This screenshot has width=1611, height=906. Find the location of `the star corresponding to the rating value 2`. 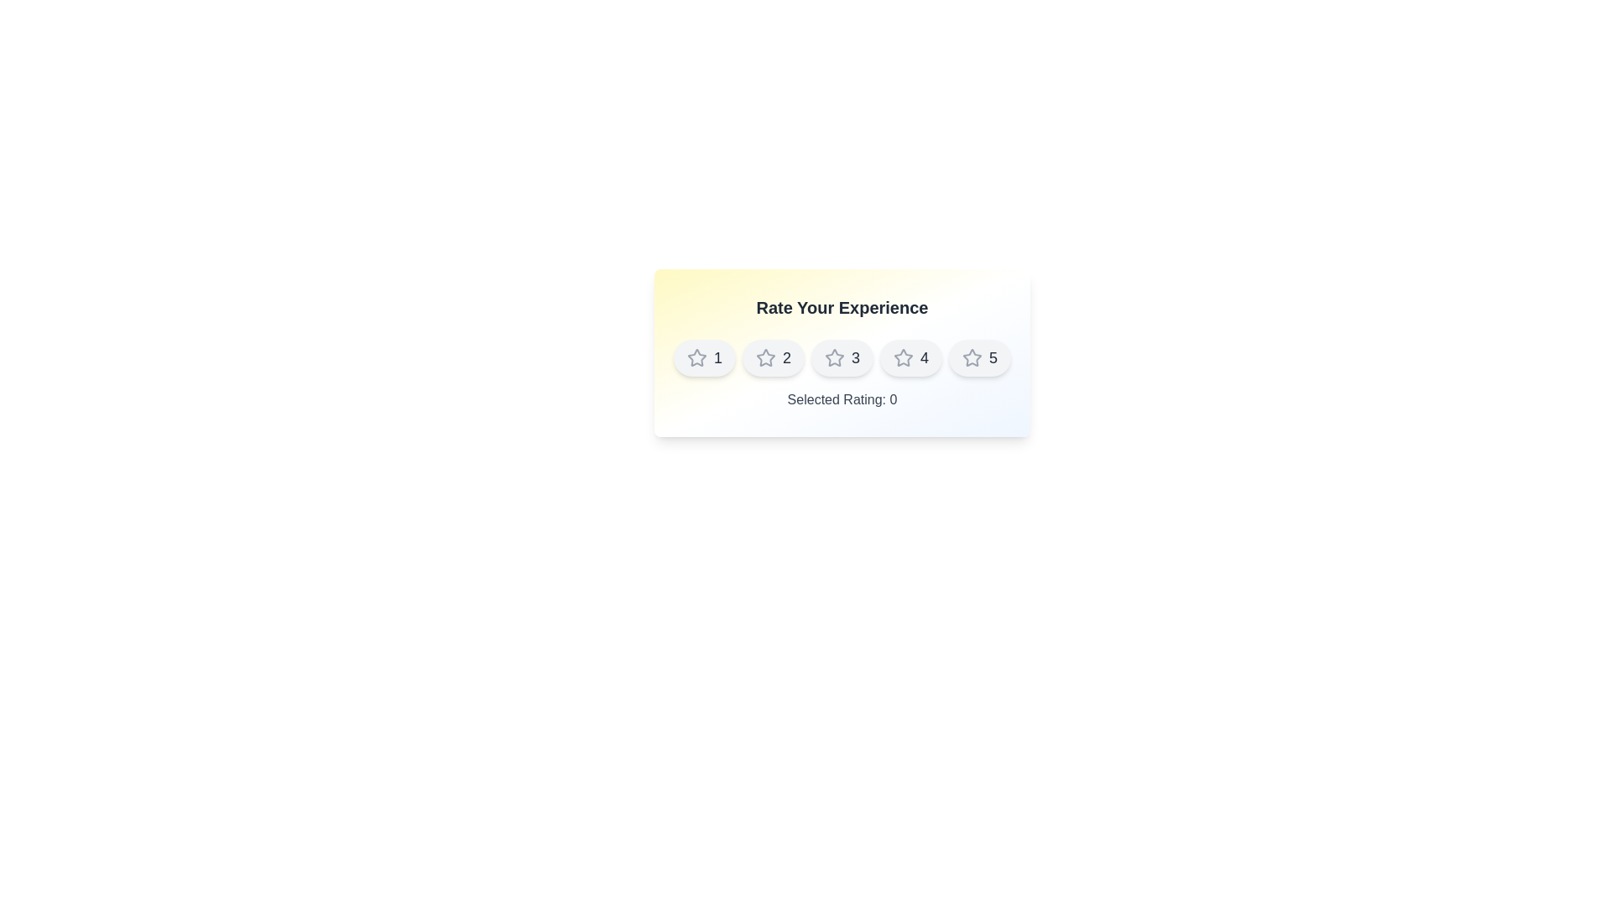

the star corresponding to the rating value 2 is located at coordinates (772, 357).